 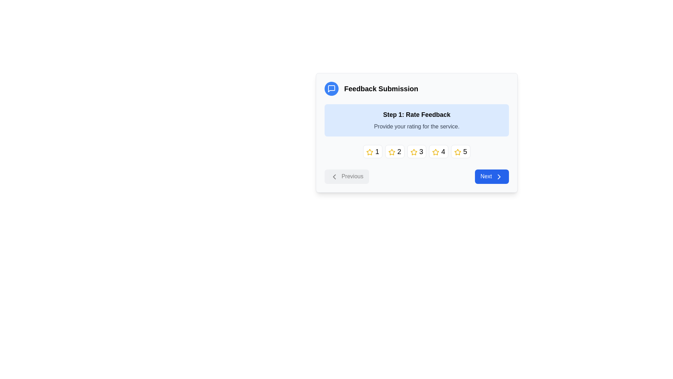 I want to click on the yellow star rating icon located under the 'Rate Feedback' step in the feedback submission section, as it is the first icon in the horizontal lineup of rating stars, so click(x=369, y=152).